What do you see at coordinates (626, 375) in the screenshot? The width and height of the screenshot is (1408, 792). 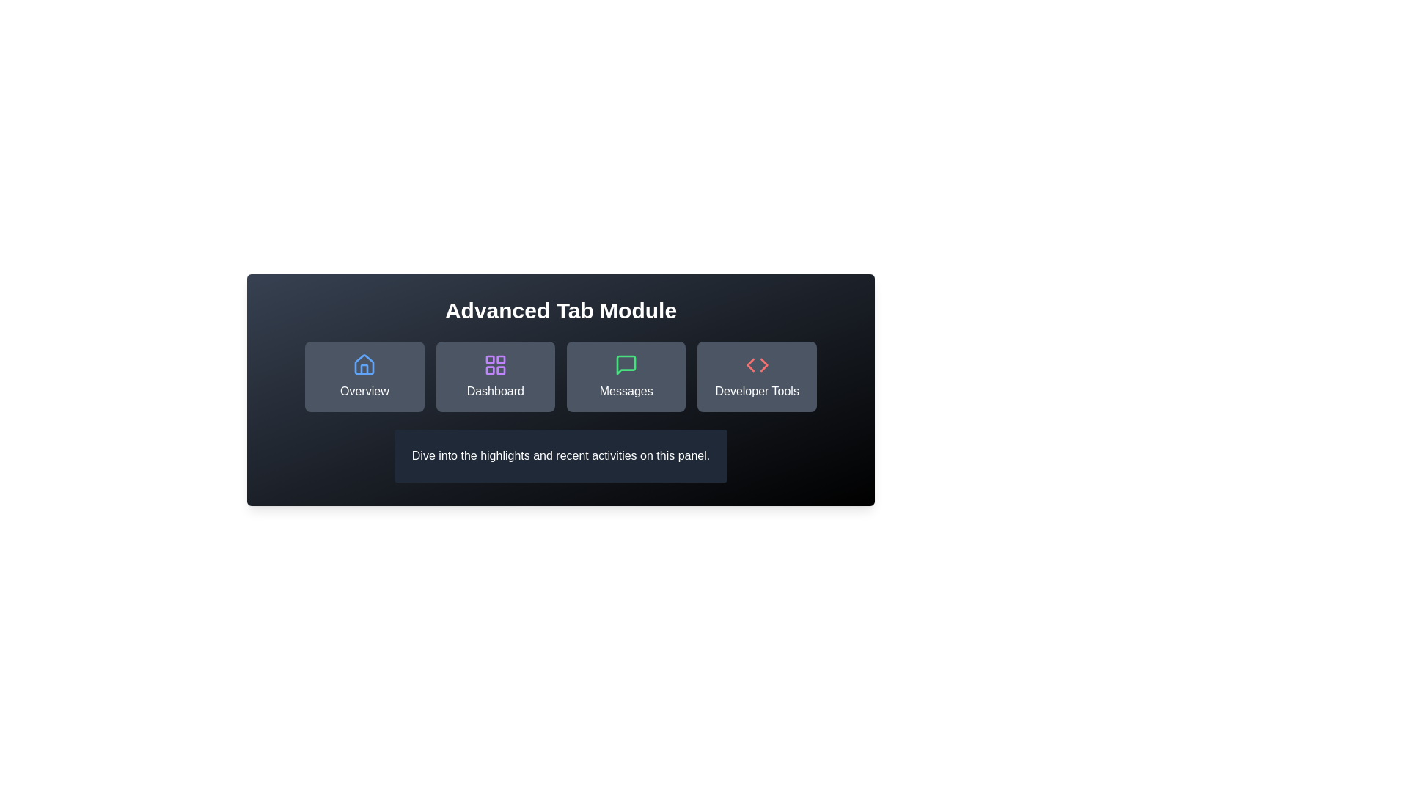 I see `the button labeled Messages` at bounding box center [626, 375].